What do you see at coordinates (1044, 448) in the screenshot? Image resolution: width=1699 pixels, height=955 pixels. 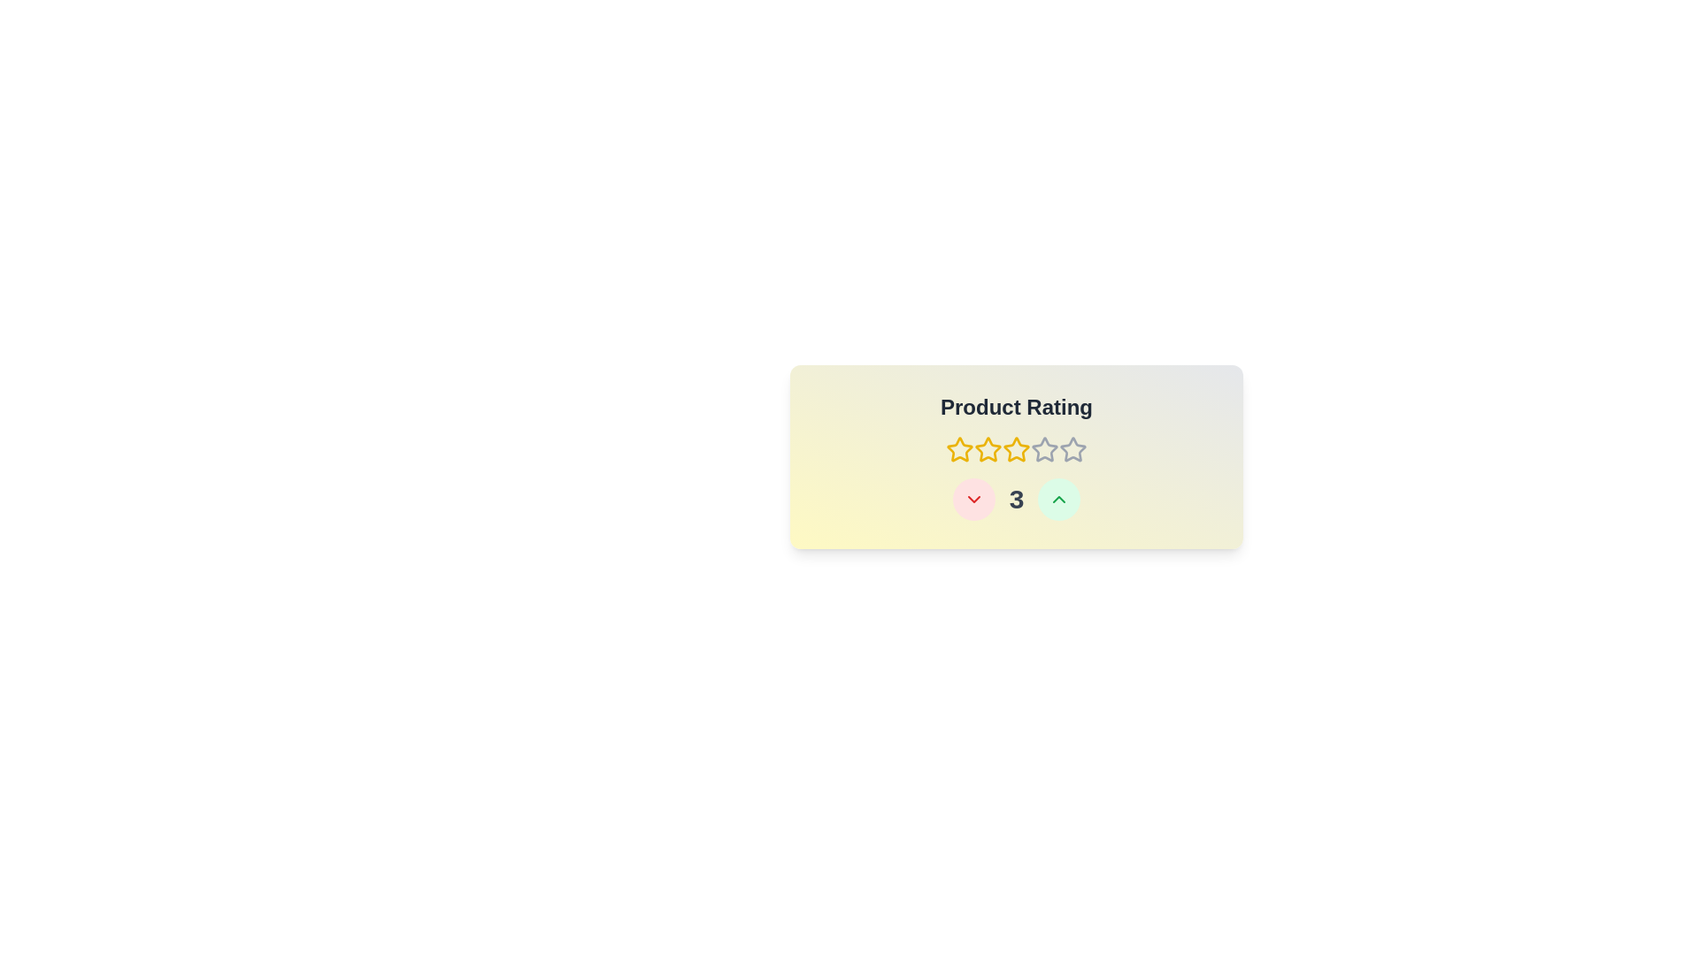 I see `the fourth star in the sequence of five rating stars under the 'Product Rating' label` at bounding box center [1044, 448].